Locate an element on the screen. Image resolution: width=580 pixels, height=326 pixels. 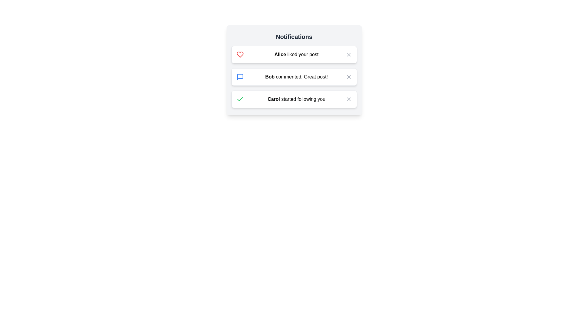
the notification 'Bob commented: Great post!' by clicking on the blue speech bubble graphic icon located prominently on the left side of the notification entry is located at coordinates (240, 76).